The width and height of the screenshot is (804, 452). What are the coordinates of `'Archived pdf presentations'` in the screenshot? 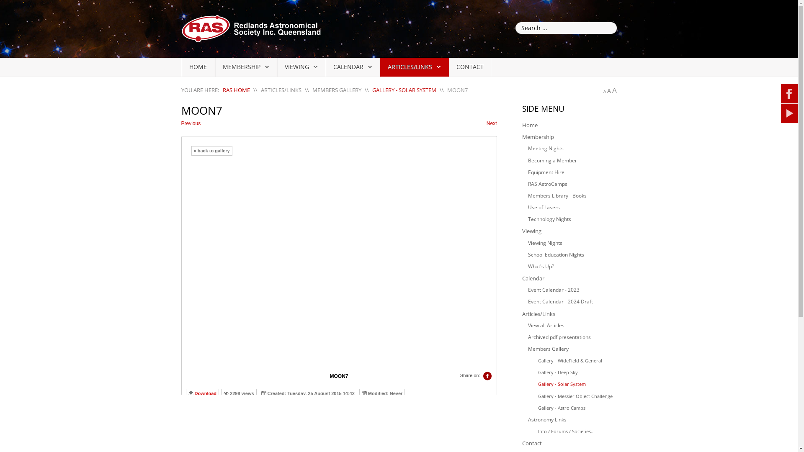 It's located at (572, 337).